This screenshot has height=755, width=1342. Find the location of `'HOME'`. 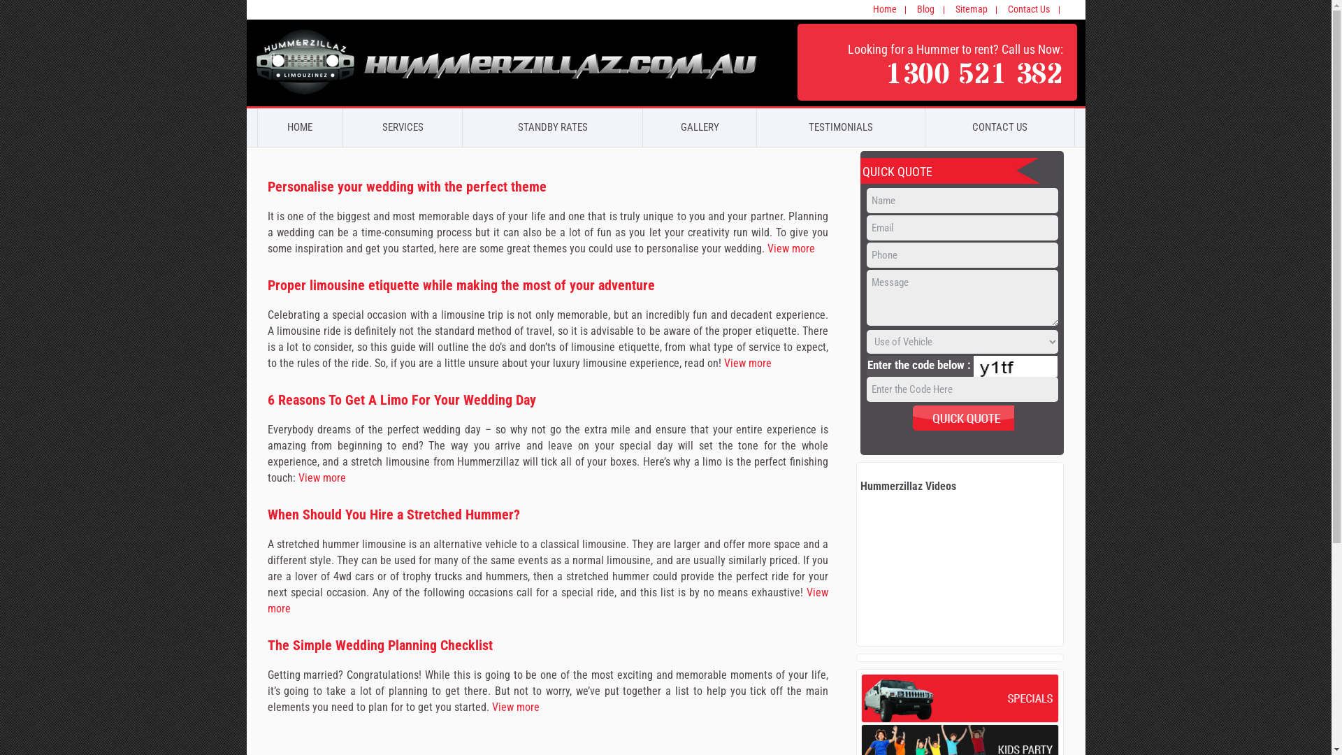

'HOME' is located at coordinates (298, 127).